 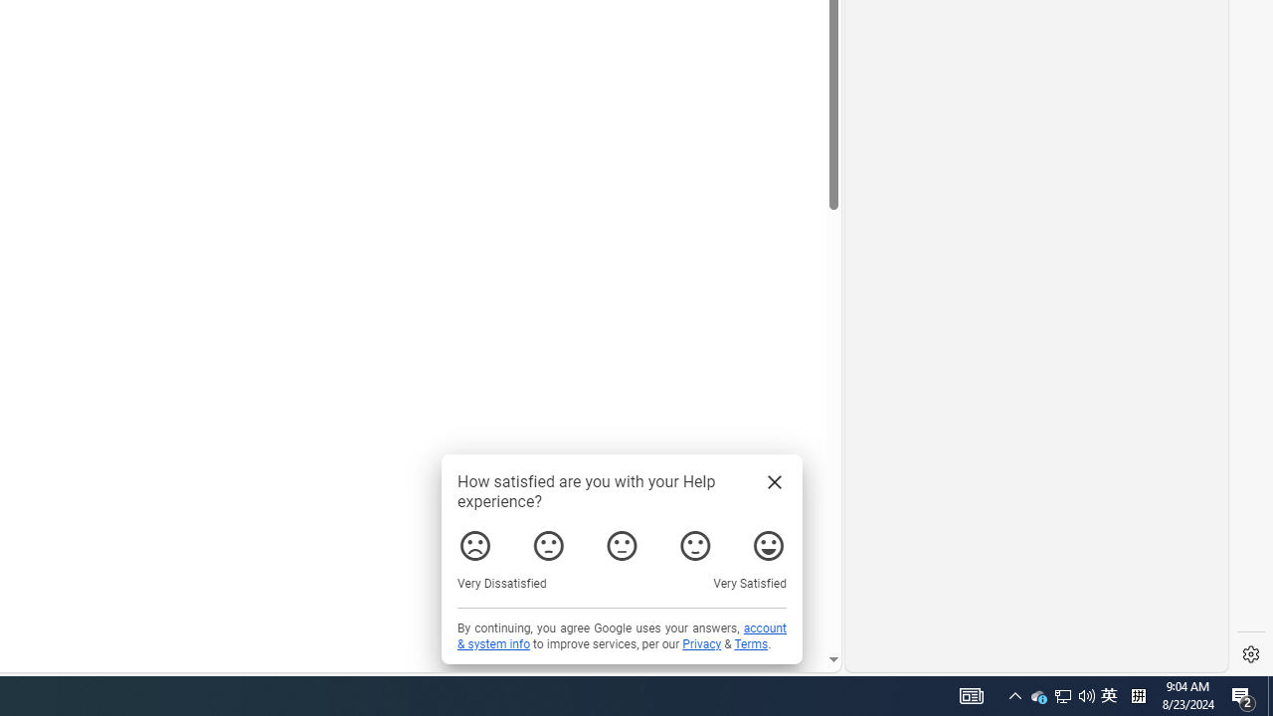 I want to click on 'Smiley 4 of 5. Somewhat satisfied', so click(x=695, y=546).